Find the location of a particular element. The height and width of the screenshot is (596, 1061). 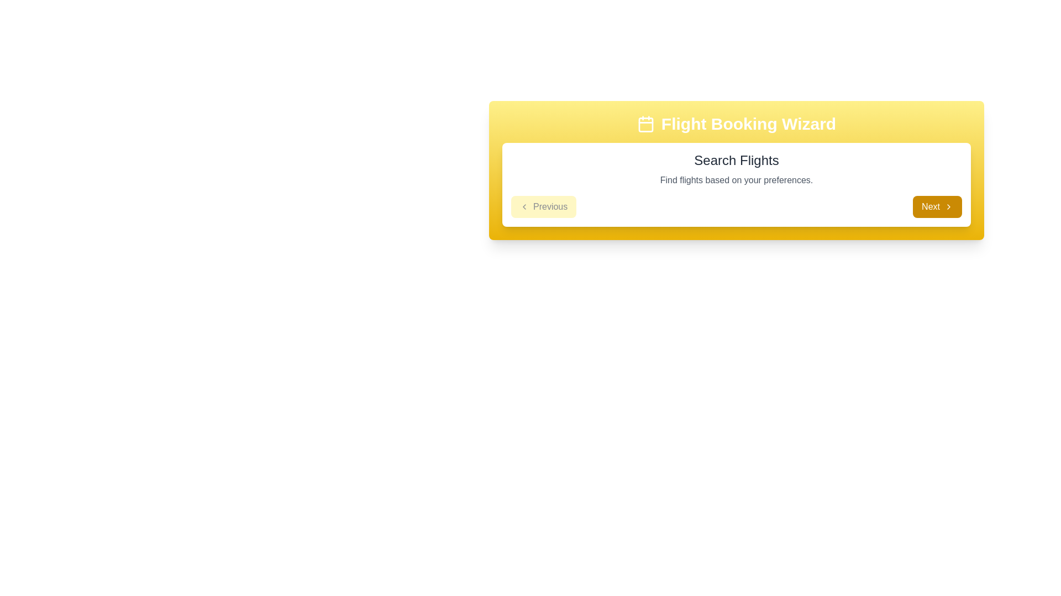

the rectangular calendar body icon, which is part of the calendar icon located in the header of the yellow gradient panel next to the 'Flight Booking Wizard' title is located at coordinates (645, 124).